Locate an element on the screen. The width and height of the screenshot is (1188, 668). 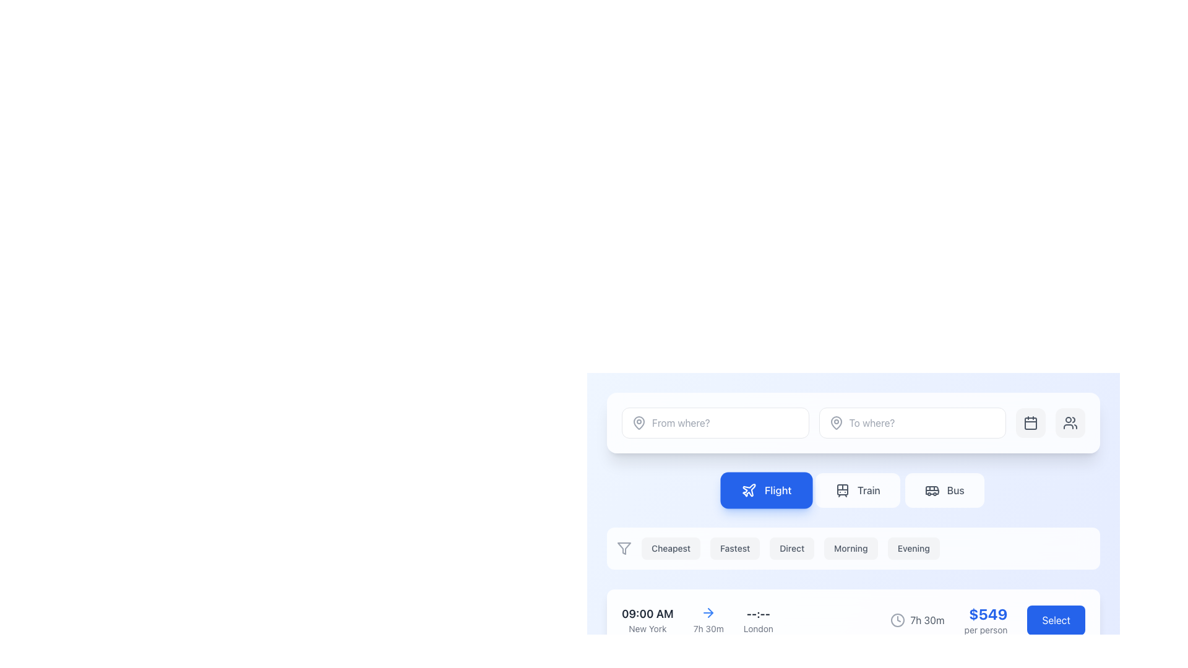
the rounded rectangular button with a user group SVG icon in the top-right section to change its background color is located at coordinates (1069, 422).